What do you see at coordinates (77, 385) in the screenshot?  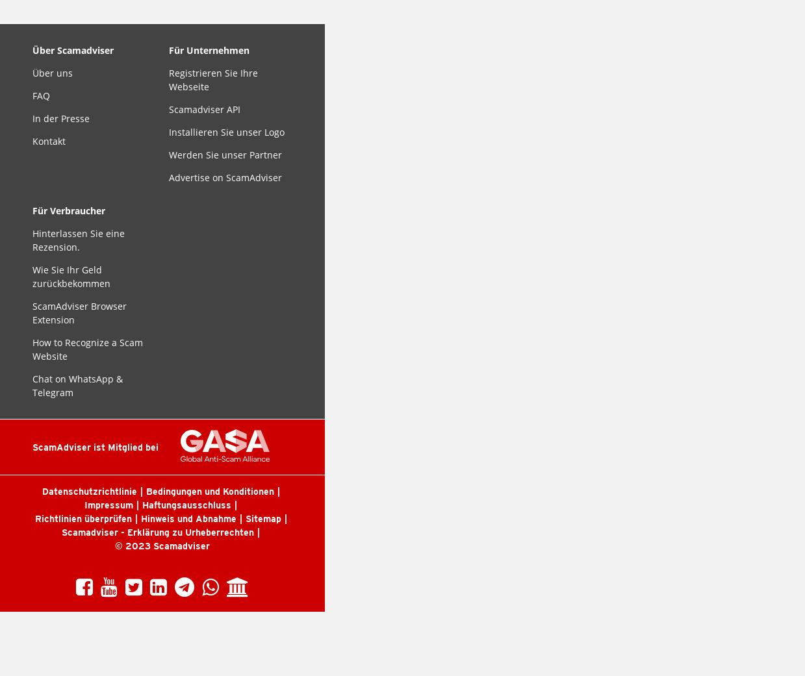 I see `'Chat on WhatsApp & Telegram'` at bounding box center [77, 385].